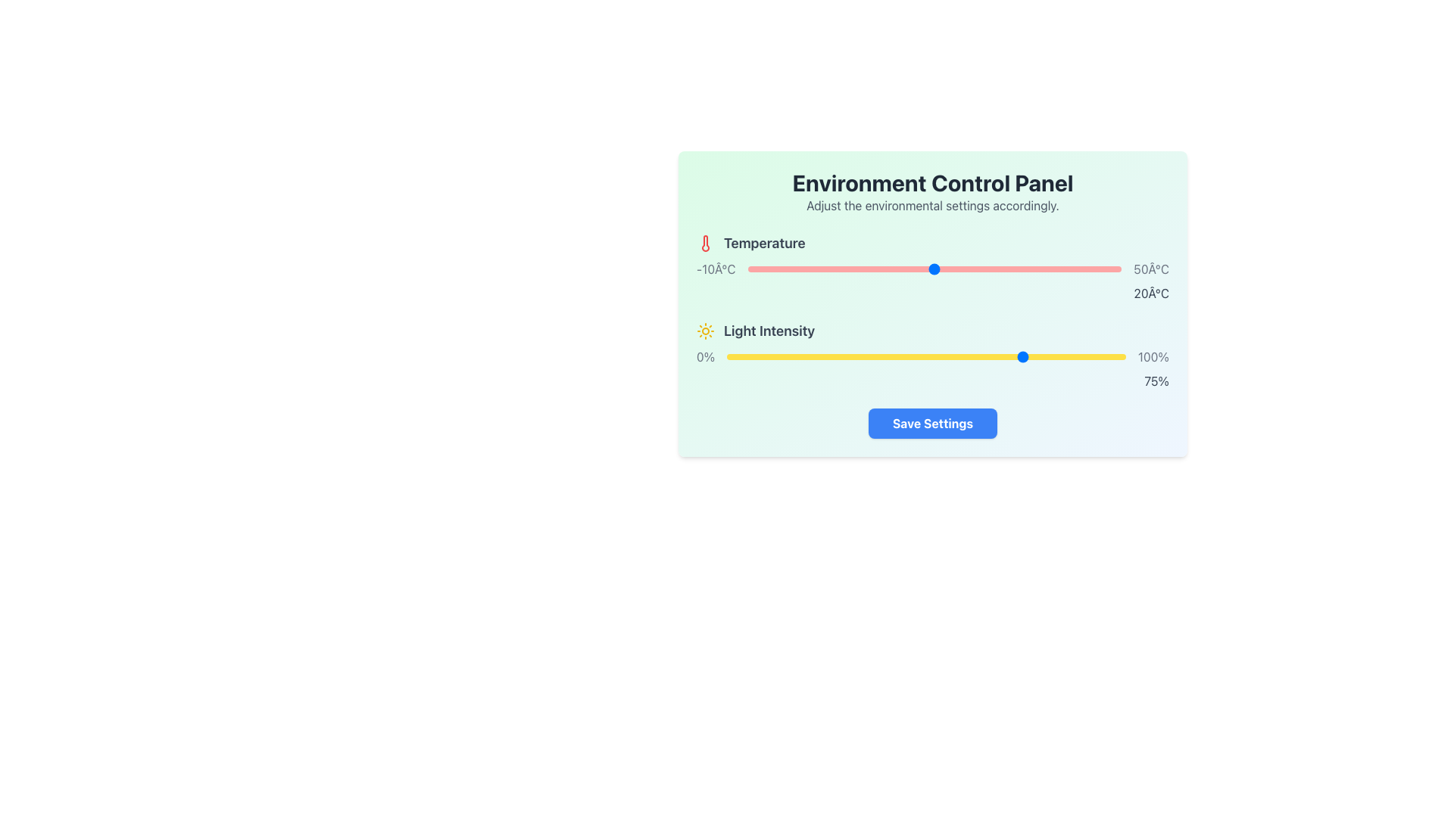  I want to click on light intensity, so click(802, 356).